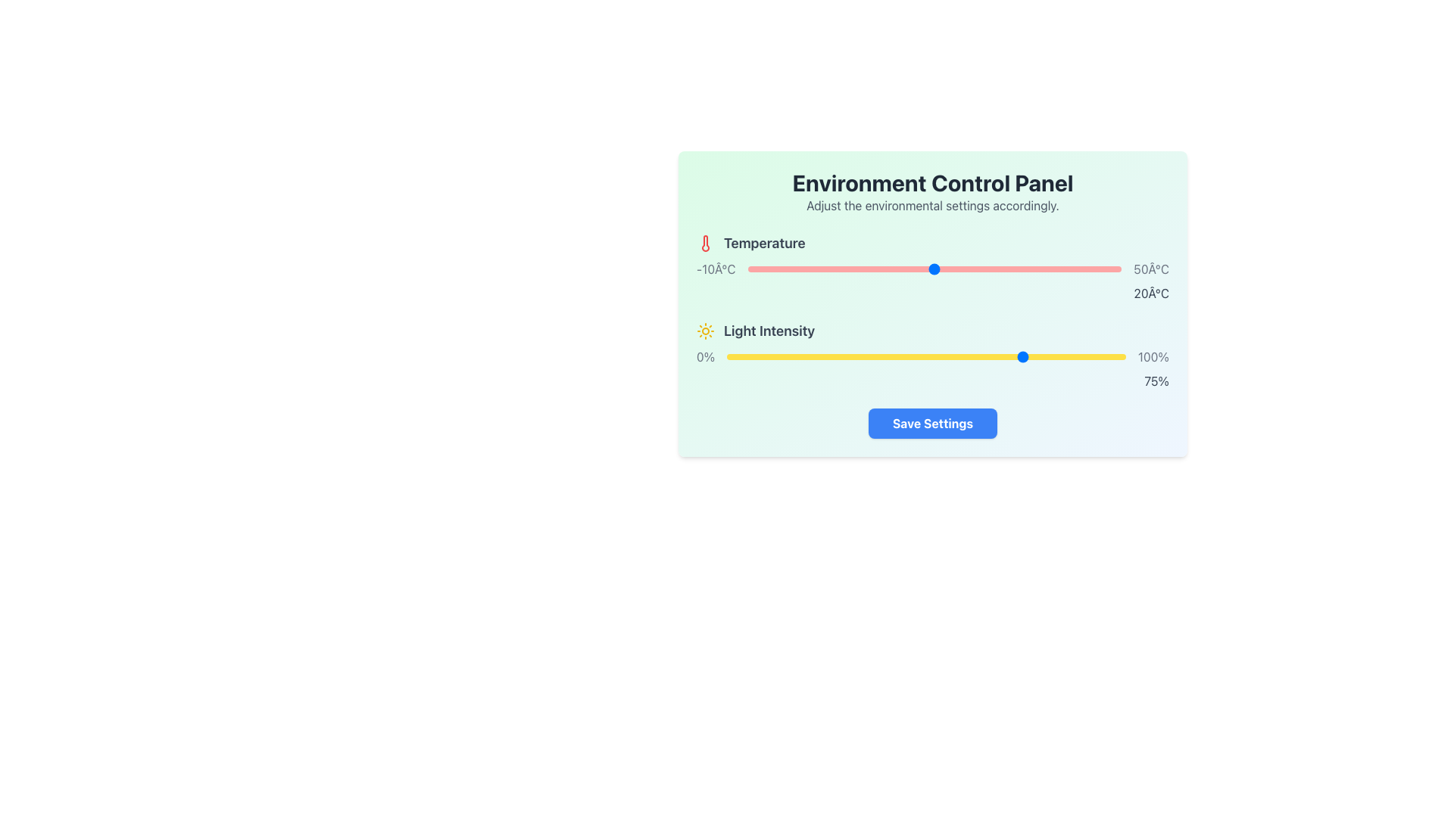  I want to click on light intensity, so click(802, 356).